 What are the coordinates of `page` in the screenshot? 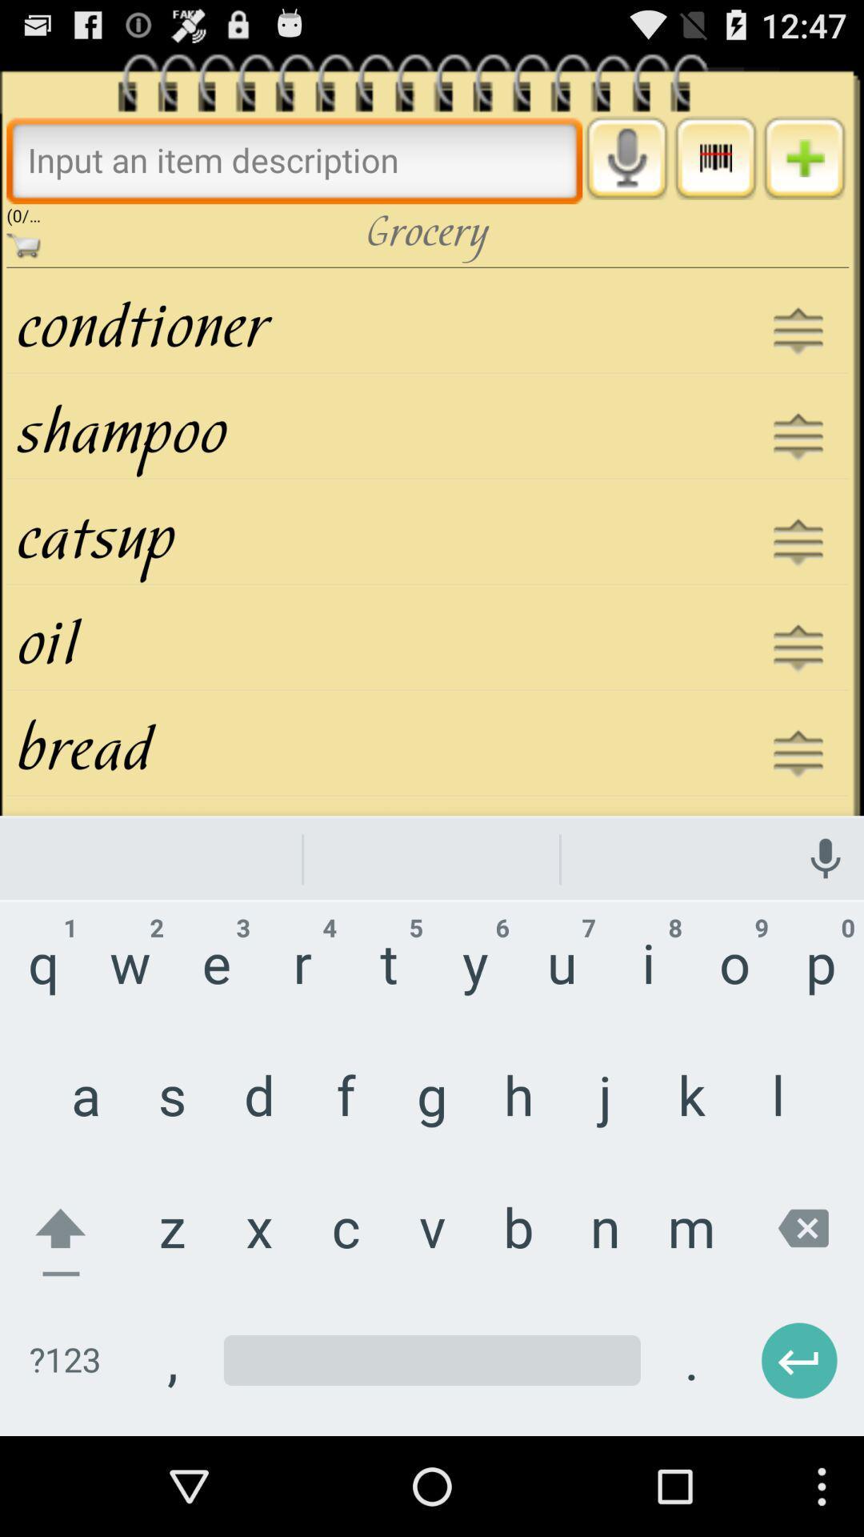 It's located at (804, 158).